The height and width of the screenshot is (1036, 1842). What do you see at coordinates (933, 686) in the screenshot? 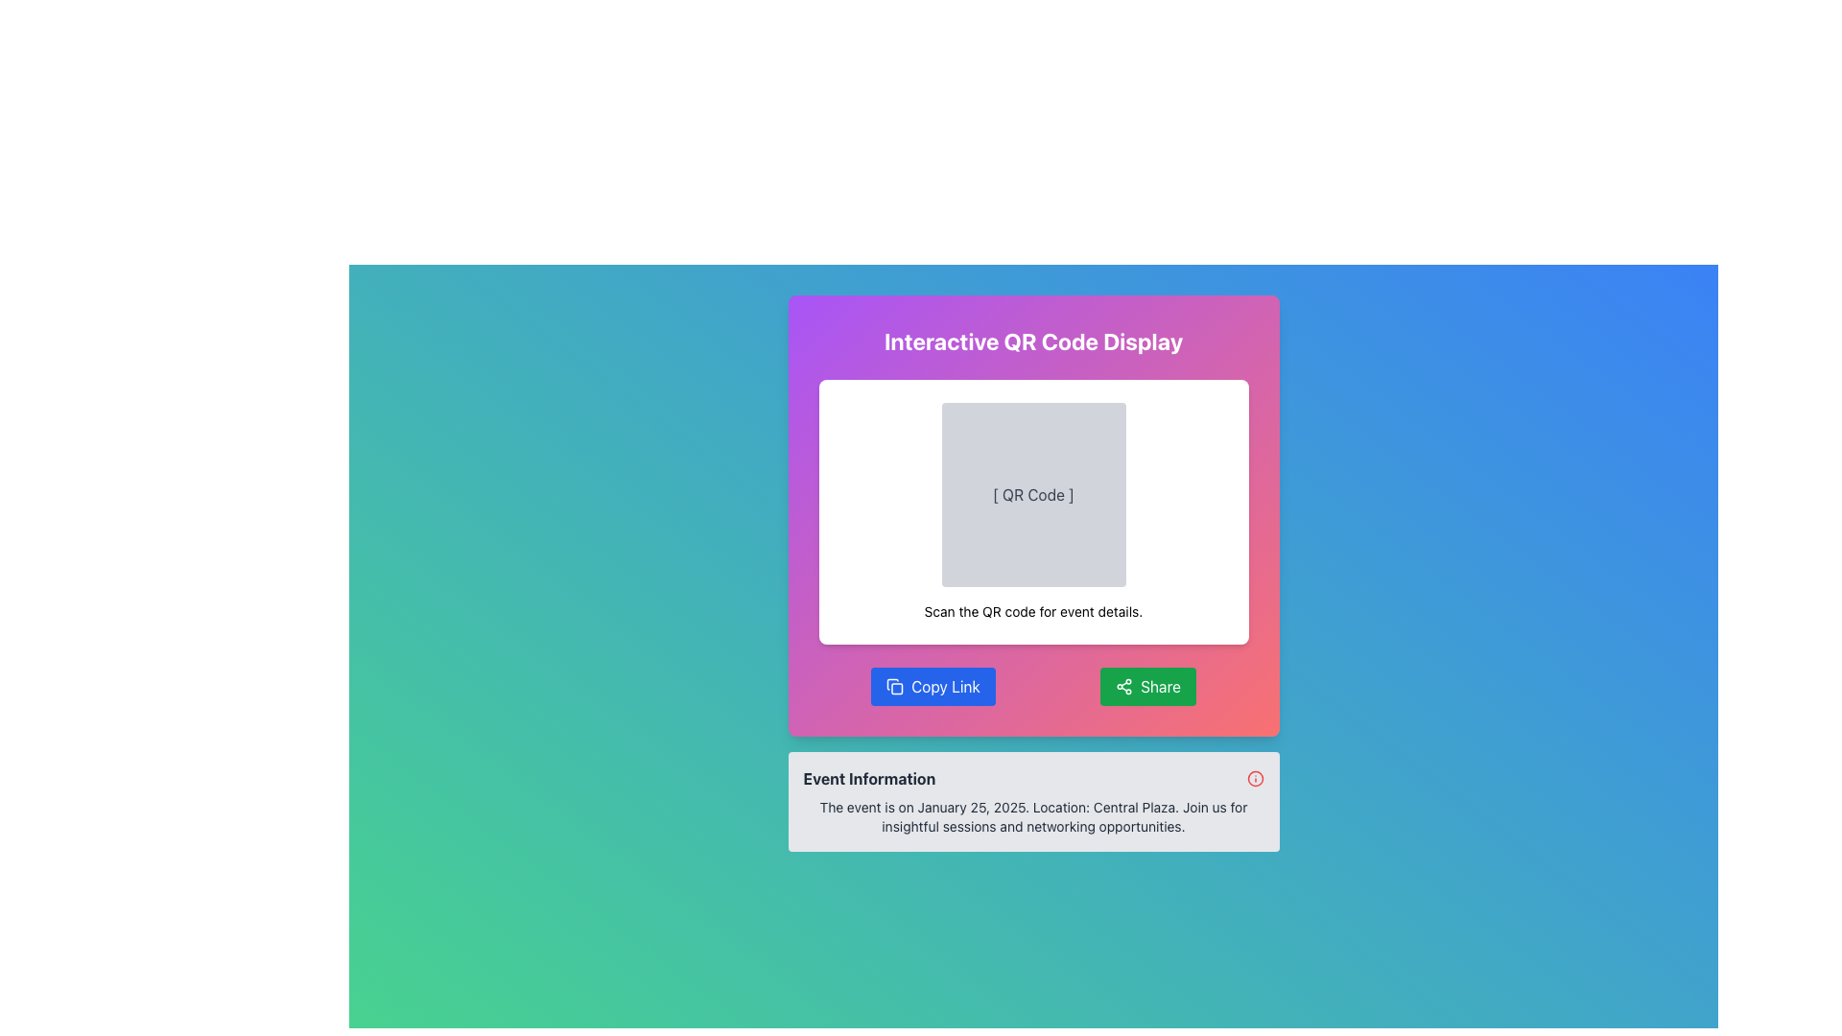
I see `the button used to copy a link, located at the left side of the 'Interactive QR Code Display' panel` at bounding box center [933, 686].